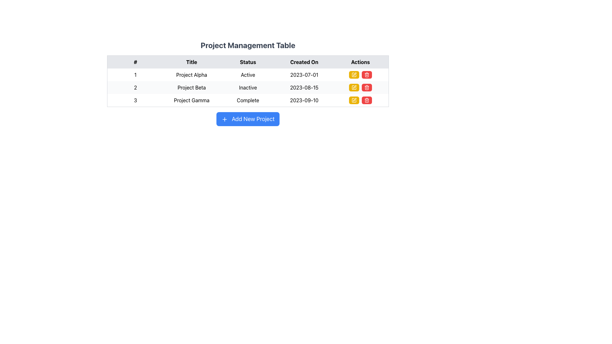 This screenshot has width=612, height=344. Describe the element at coordinates (353, 100) in the screenshot. I see `the 'Edit' button in the 'Actions' column of the 'Project Management Table' to initiate editing for the 'Project Gamma' entry` at that location.